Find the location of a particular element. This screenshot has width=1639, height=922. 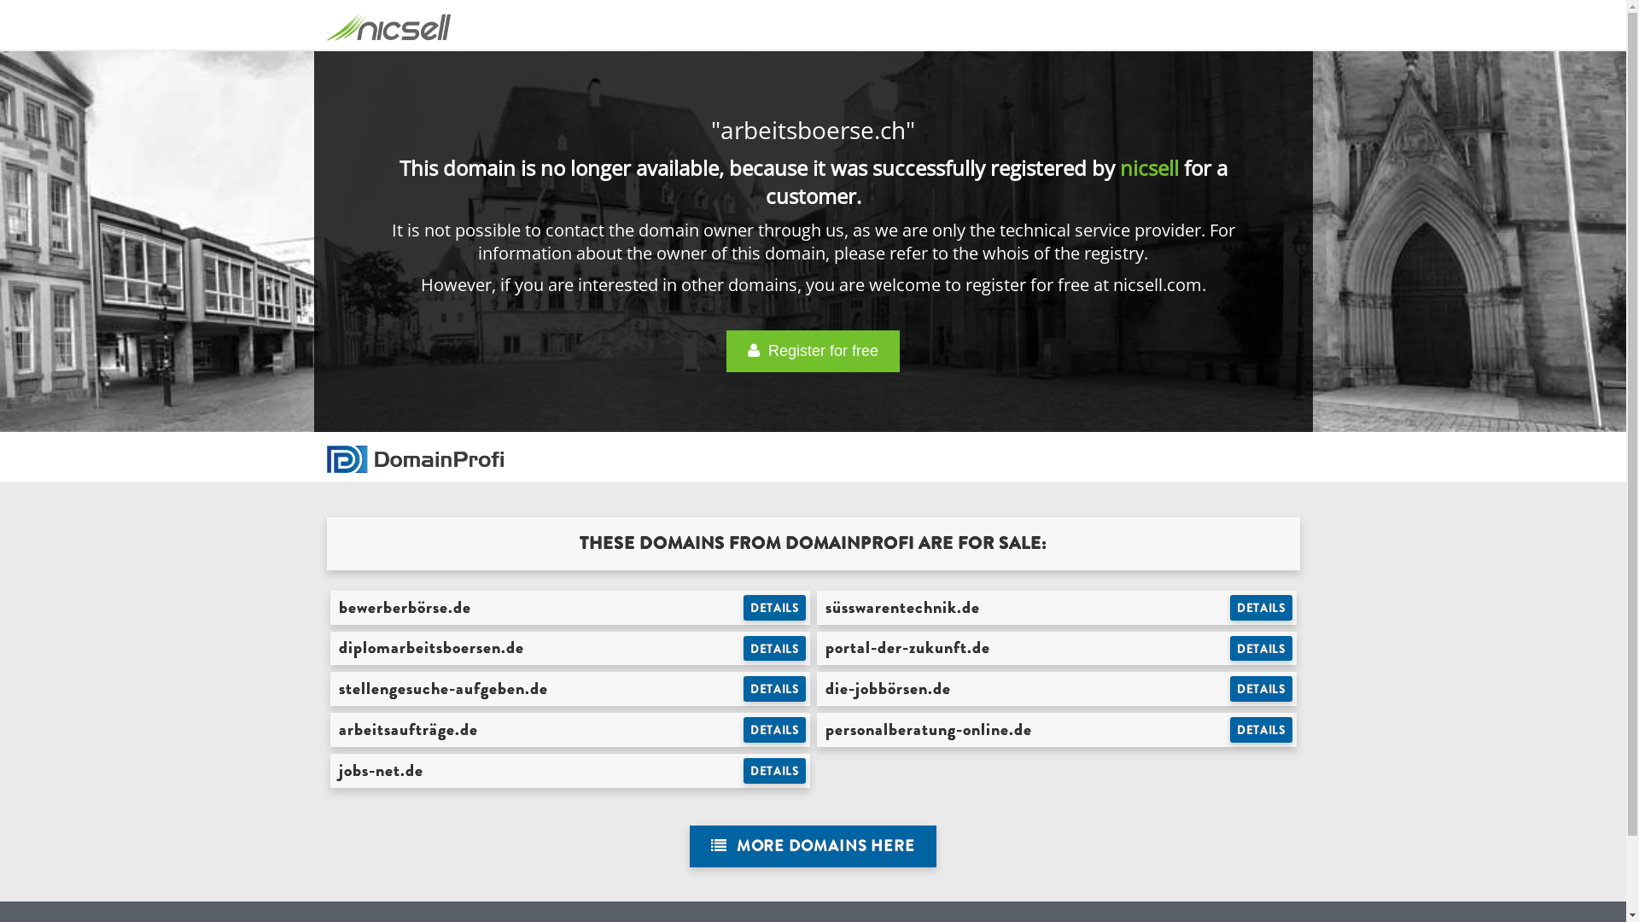

'DETAILS' is located at coordinates (773, 730).